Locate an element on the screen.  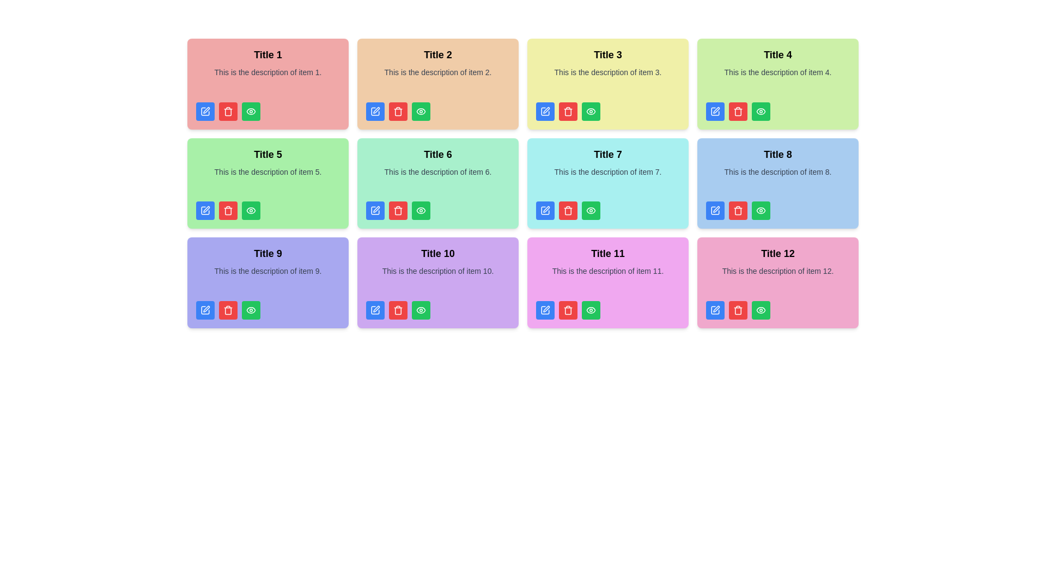
the blue square icon with a pencil overlay located at the bottom-left corner of the card labeled 'Title 9' to initiate the edit action is located at coordinates (205, 310).